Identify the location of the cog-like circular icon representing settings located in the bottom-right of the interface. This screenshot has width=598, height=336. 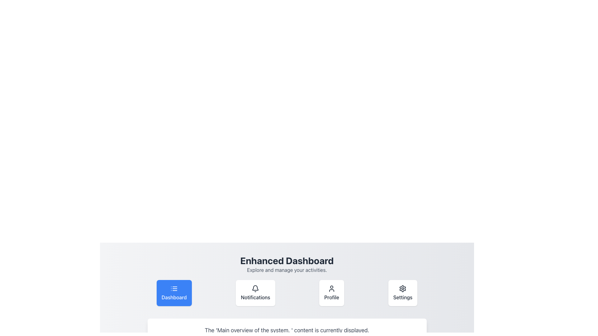
(402, 289).